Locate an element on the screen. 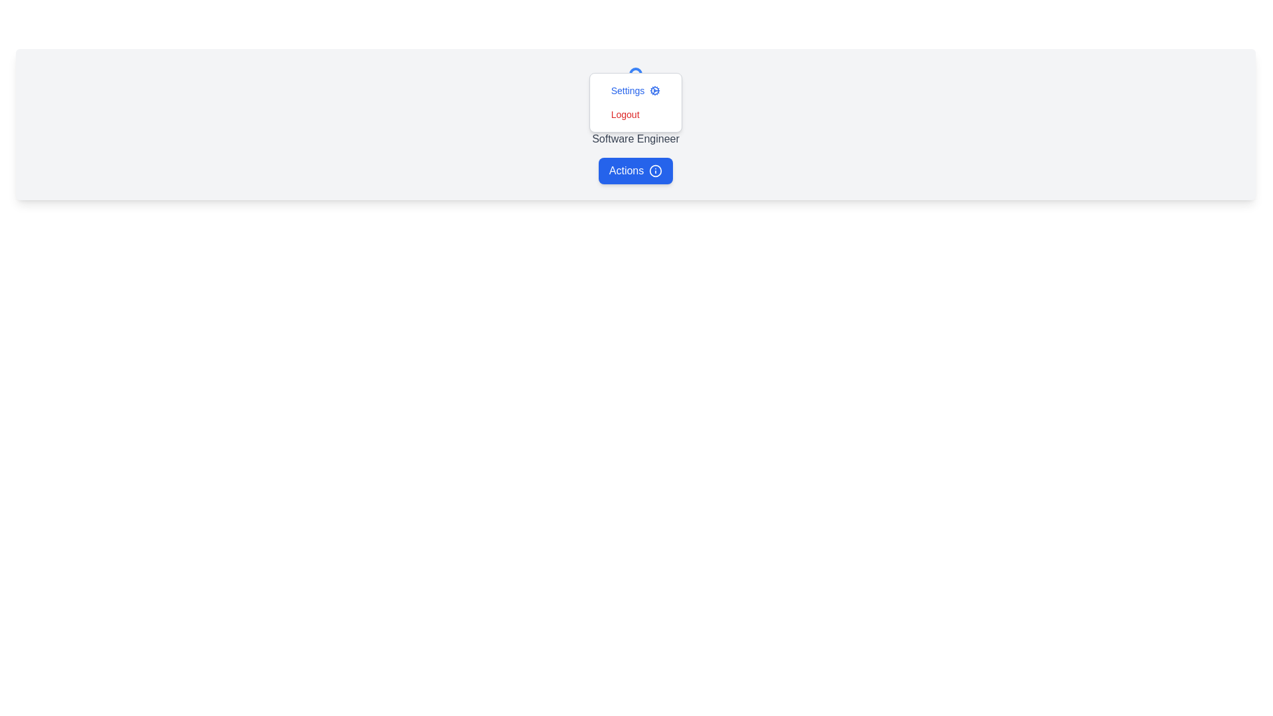 The width and height of the screenshot is (1273, 716). the 'Logout' button, which is styled with red text and positioned below the 'Settings' option in the dropdown menu is located at coordinates (635, 114).